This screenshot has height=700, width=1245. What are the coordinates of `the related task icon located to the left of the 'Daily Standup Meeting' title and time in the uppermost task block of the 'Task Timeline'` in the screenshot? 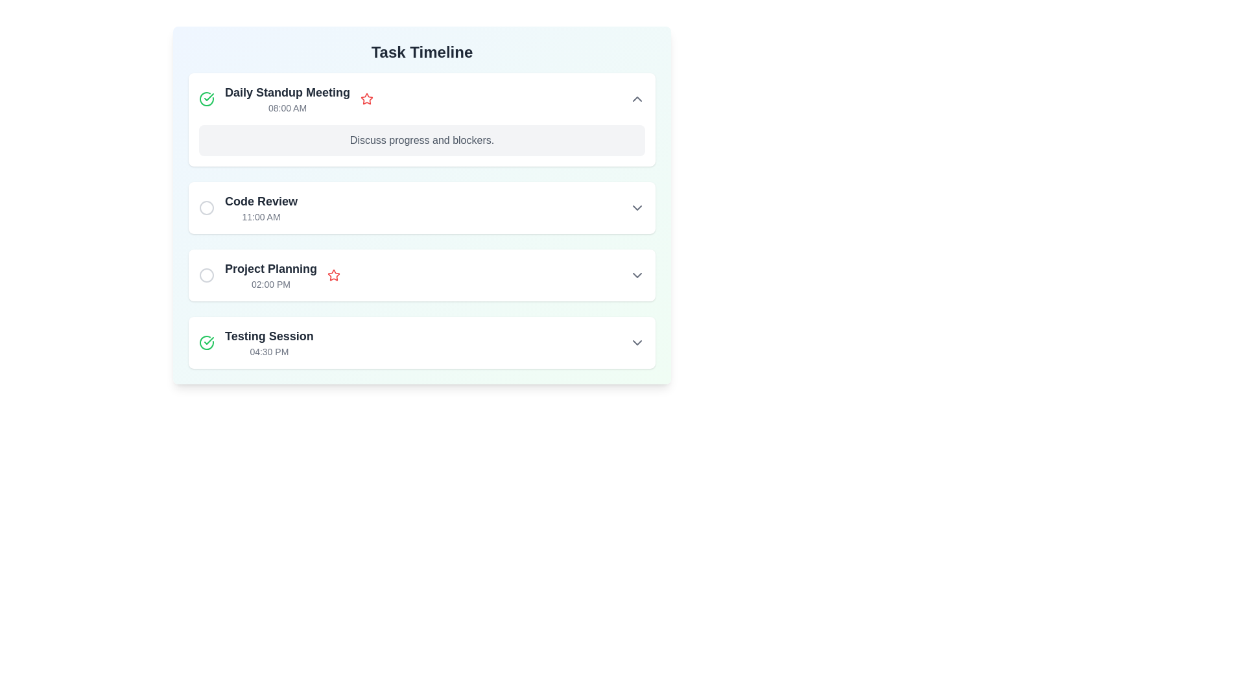 It's located at (287, 99).